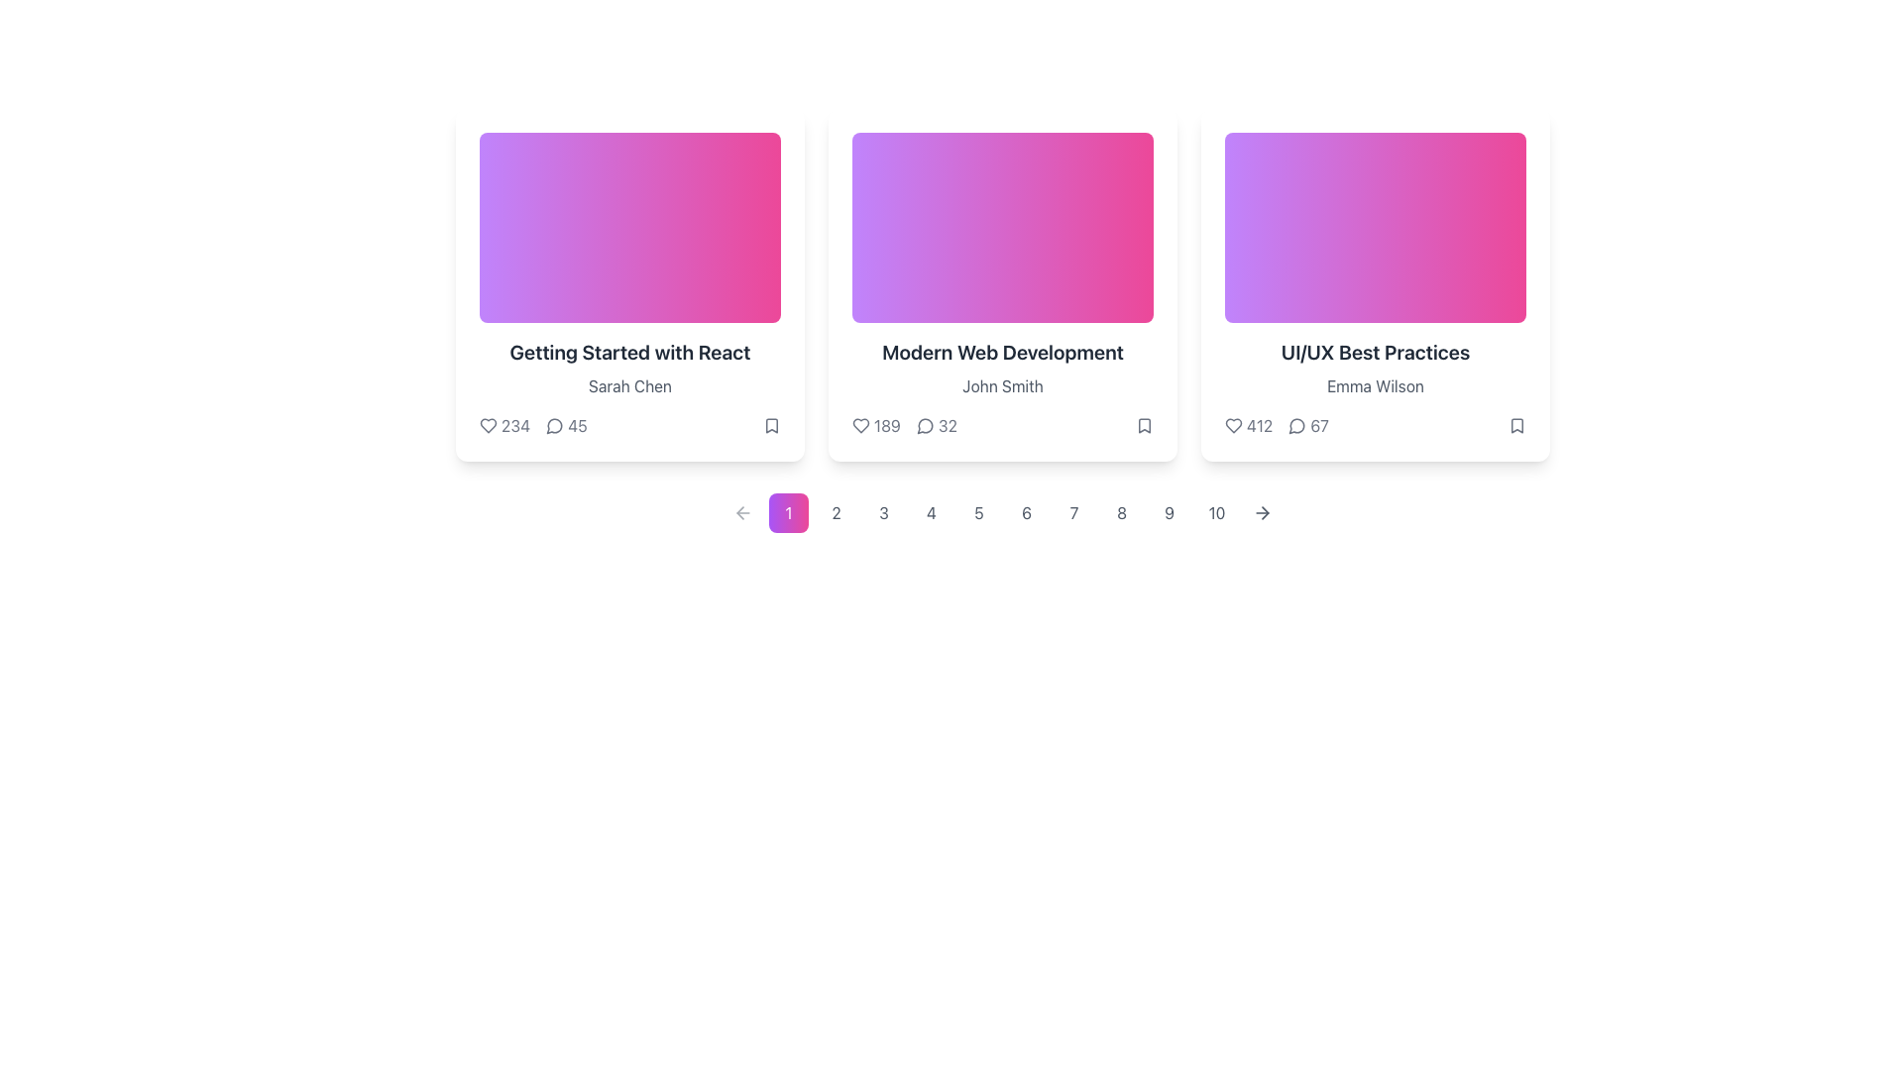  I want to click on the circular button with the number '9' on it, so click(1170, 511).